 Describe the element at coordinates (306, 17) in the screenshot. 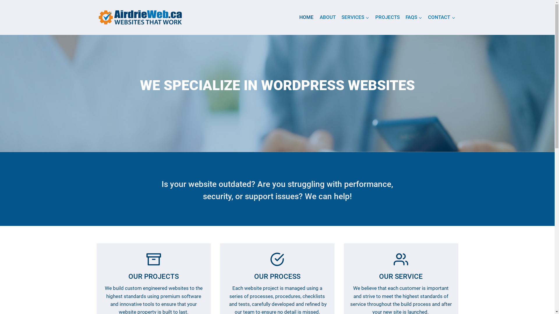

I see `'HOME'` at that location.